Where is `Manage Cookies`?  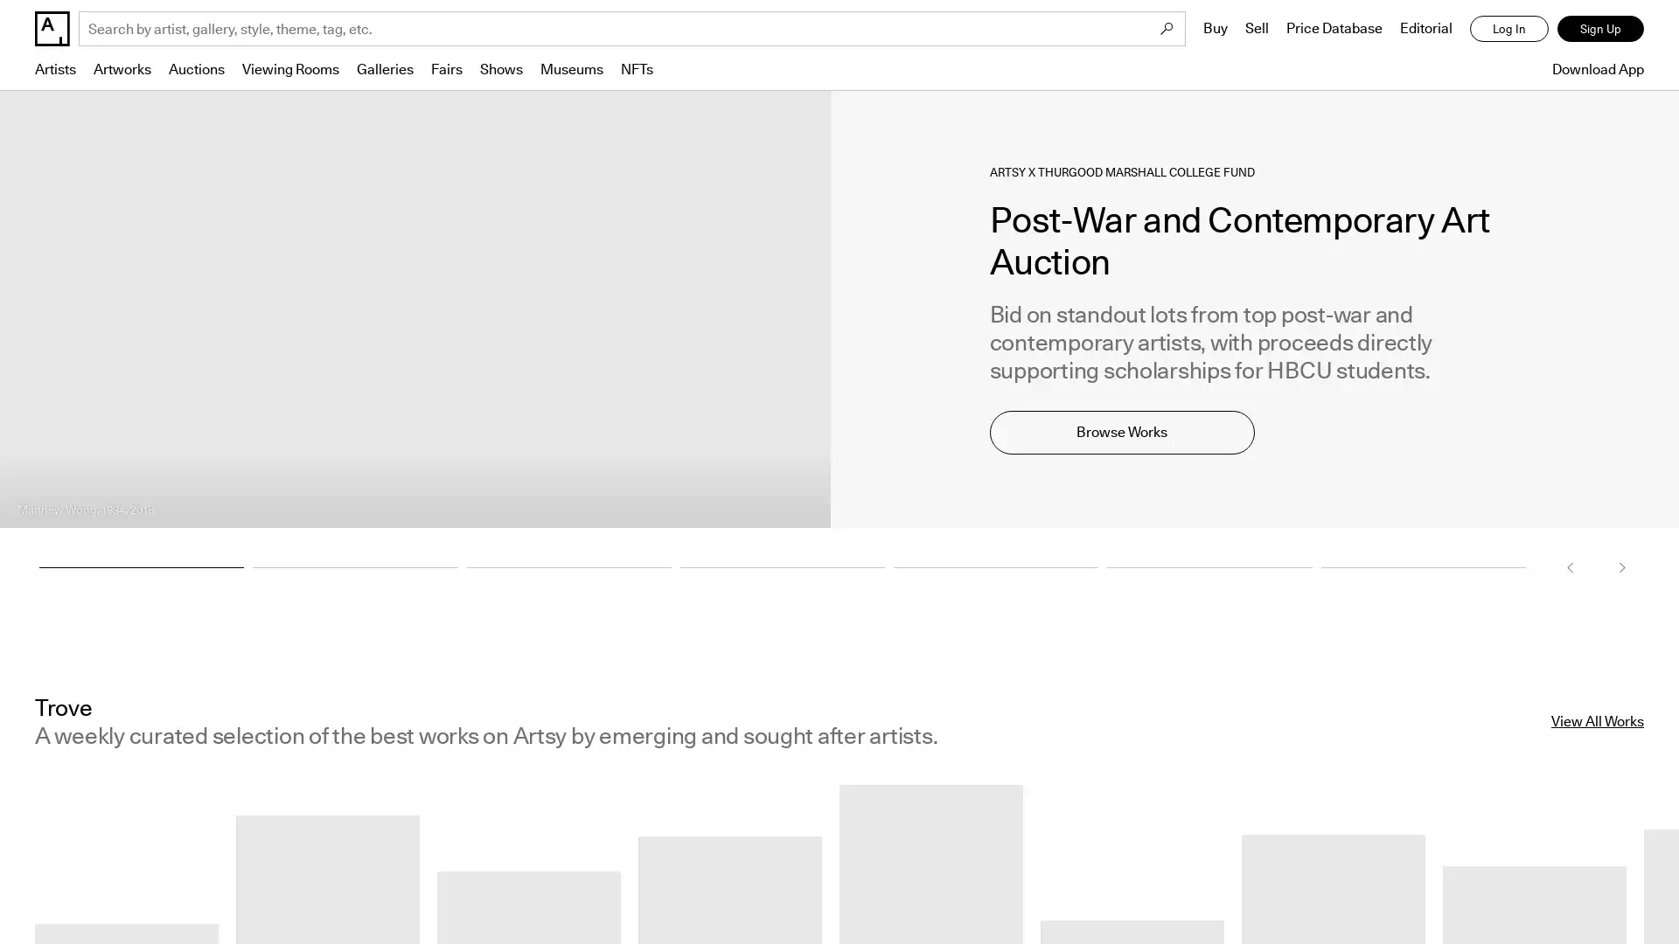 Manage Cookies is located at coordinates (1411, 886).